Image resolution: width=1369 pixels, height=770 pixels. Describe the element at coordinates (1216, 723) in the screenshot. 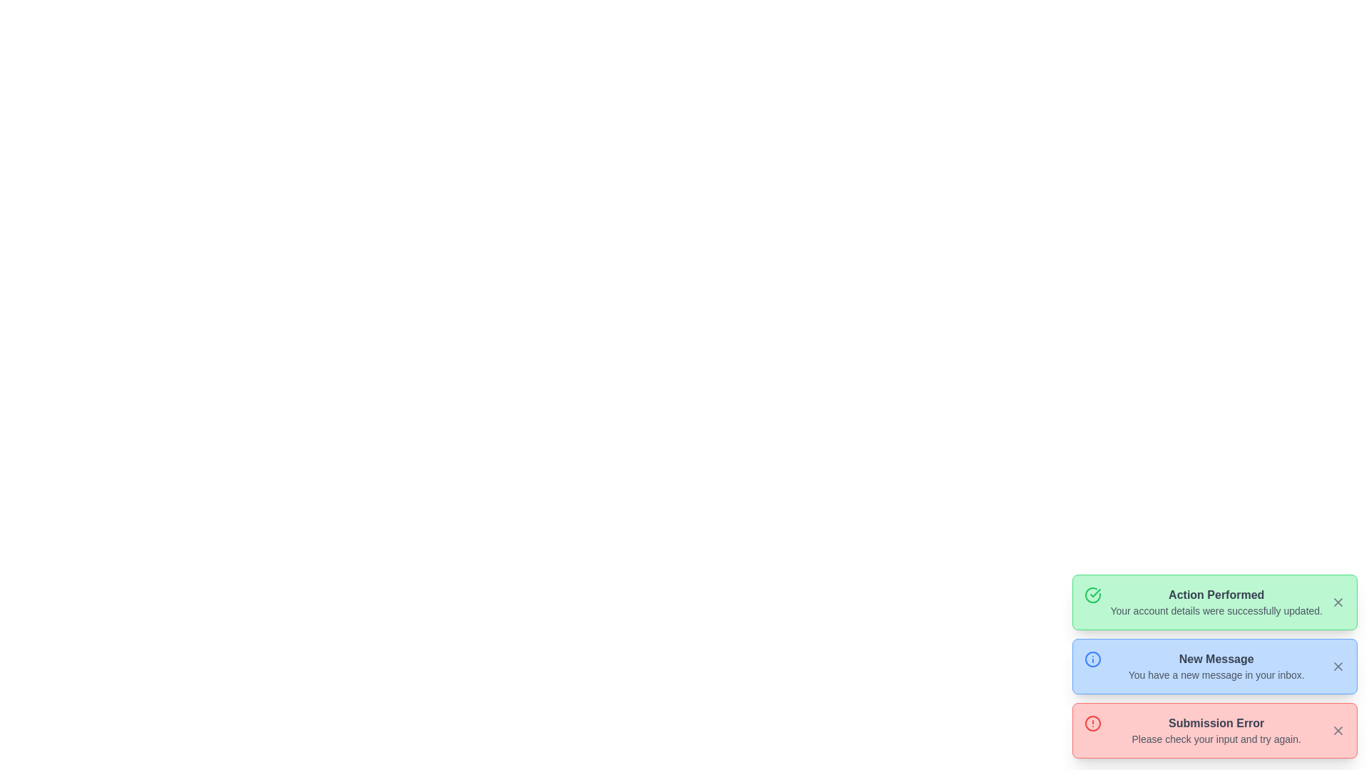

I see `the text label element displaying 'Submission Error', which is located at the bottom of the notification-style card on a pink background` at that location.